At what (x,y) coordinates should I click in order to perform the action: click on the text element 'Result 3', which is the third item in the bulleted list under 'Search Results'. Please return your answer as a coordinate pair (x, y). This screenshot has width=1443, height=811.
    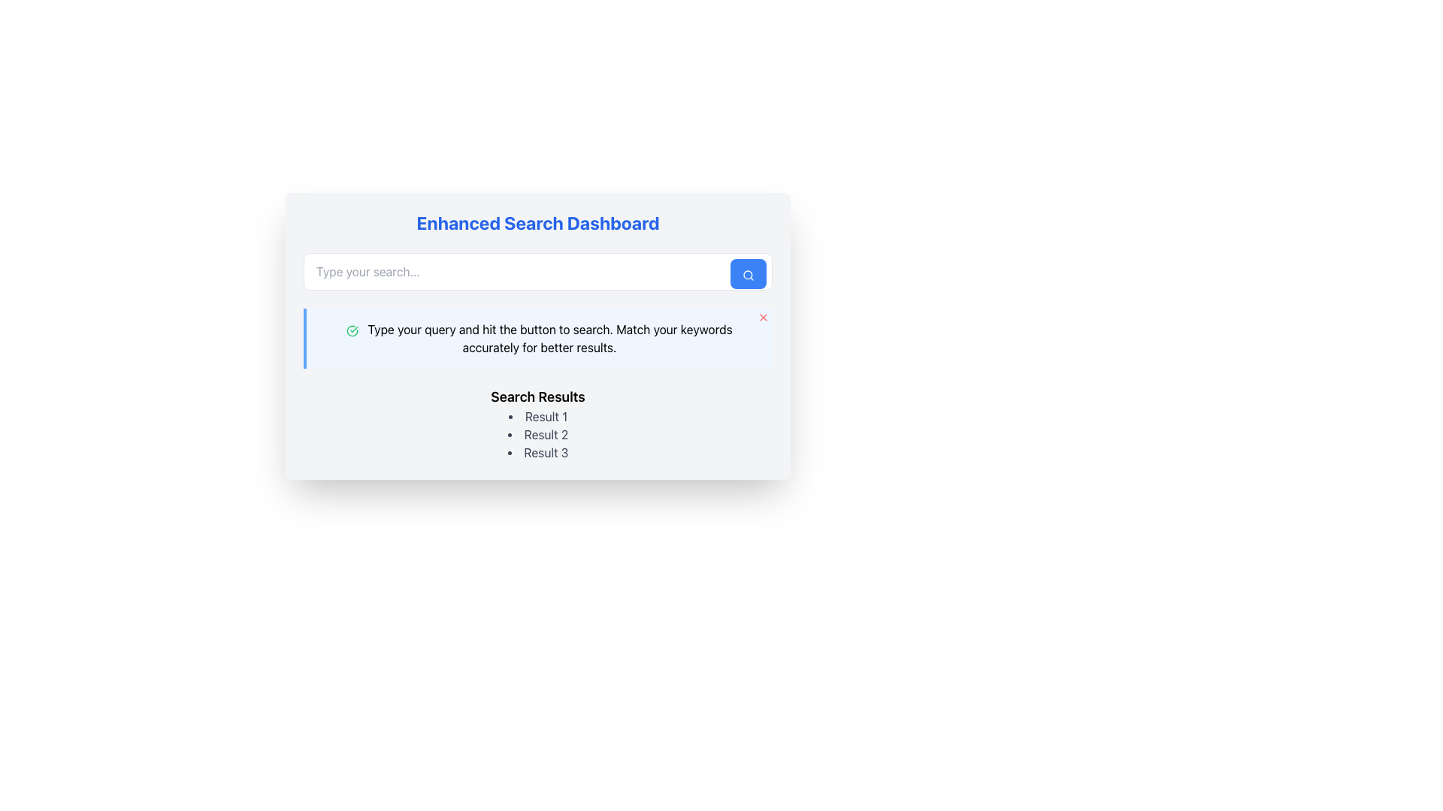
    Looking at the image, I should click on (537, 451).